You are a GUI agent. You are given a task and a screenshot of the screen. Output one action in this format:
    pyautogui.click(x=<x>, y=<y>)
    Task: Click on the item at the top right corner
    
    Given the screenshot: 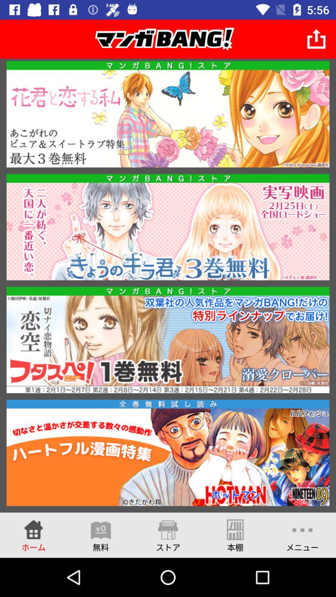 What is the action you would take?
    pyautogui.click(x=316, y=39)
    